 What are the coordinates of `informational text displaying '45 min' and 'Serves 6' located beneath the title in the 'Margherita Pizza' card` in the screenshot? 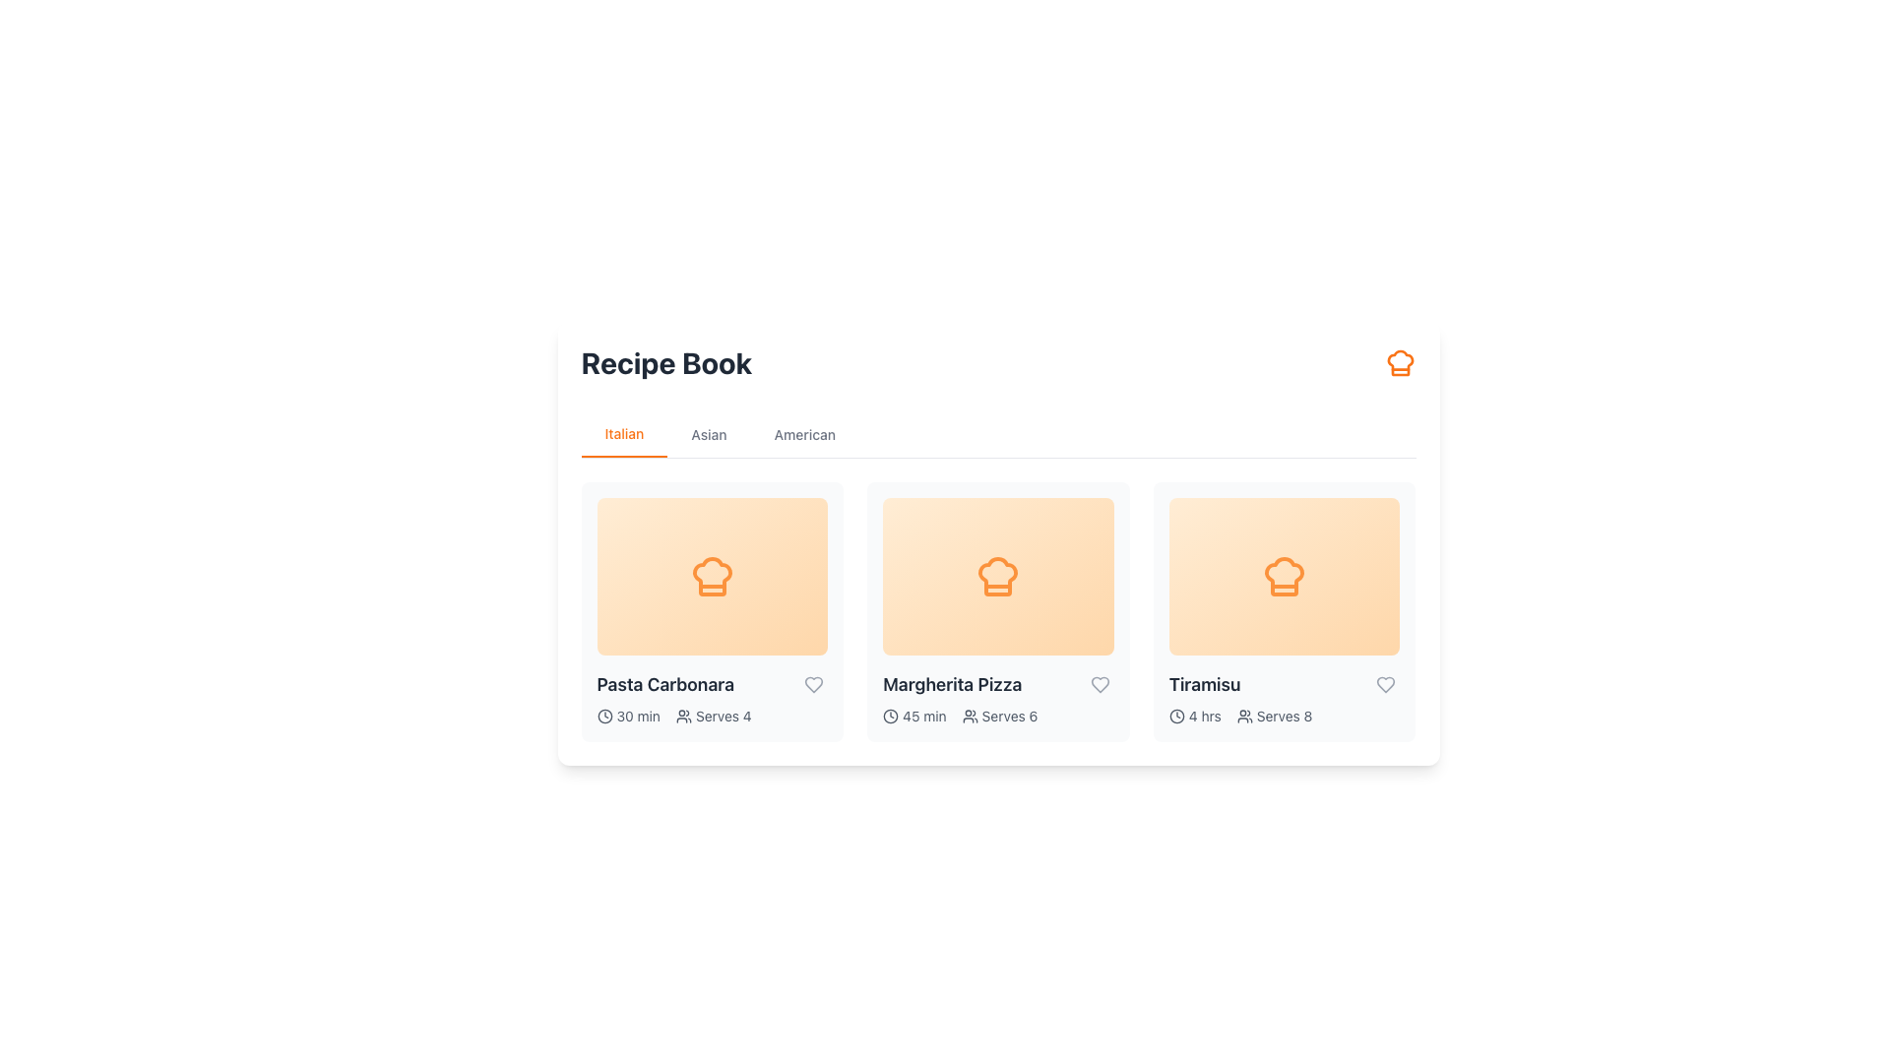 It's located at (998, 717).